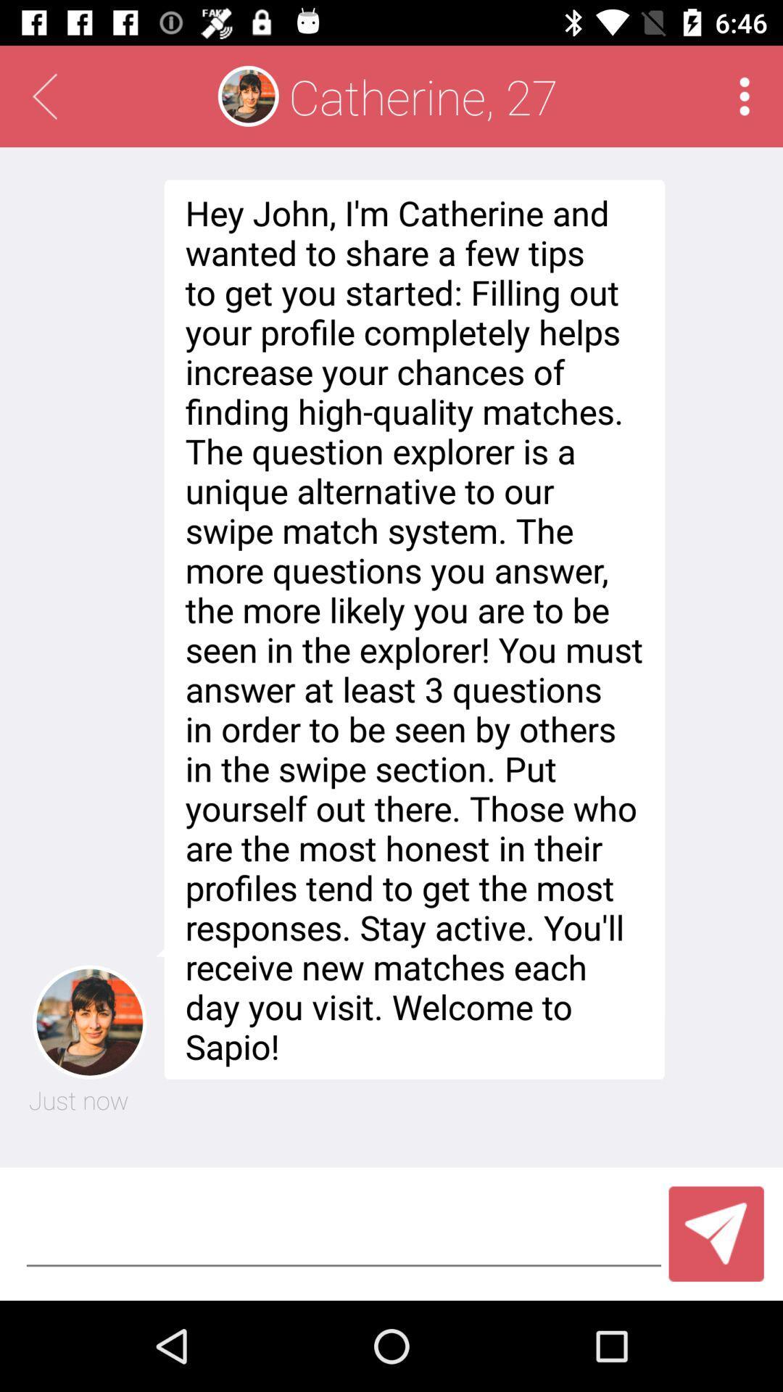 This screenshot has height=1392, width=783. What do you see at coordinates (745, 96) in the screenshot?
I see `the item at the top right corner` at bounding box center [745, 96].